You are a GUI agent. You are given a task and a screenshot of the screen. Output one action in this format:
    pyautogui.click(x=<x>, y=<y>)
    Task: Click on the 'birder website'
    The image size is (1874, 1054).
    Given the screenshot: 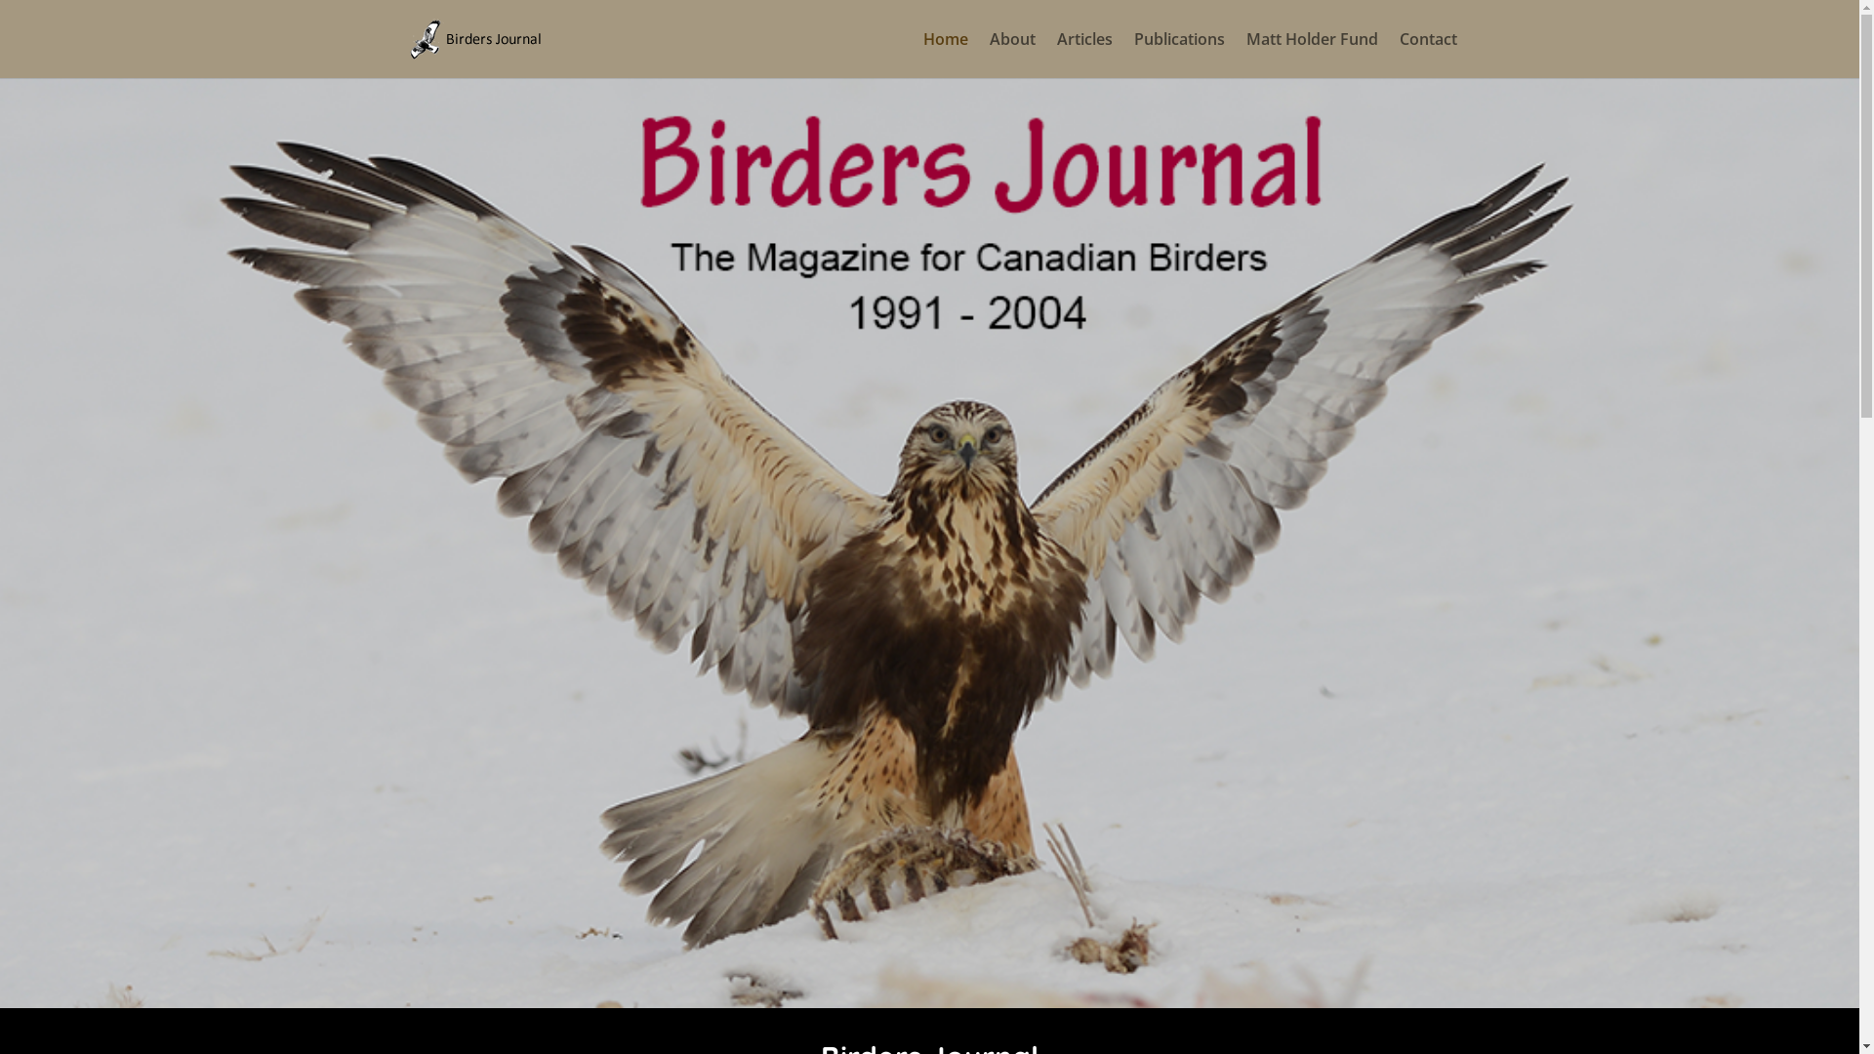 What is the action you would take?
    pyautogui.click(x=928, y=543)
    